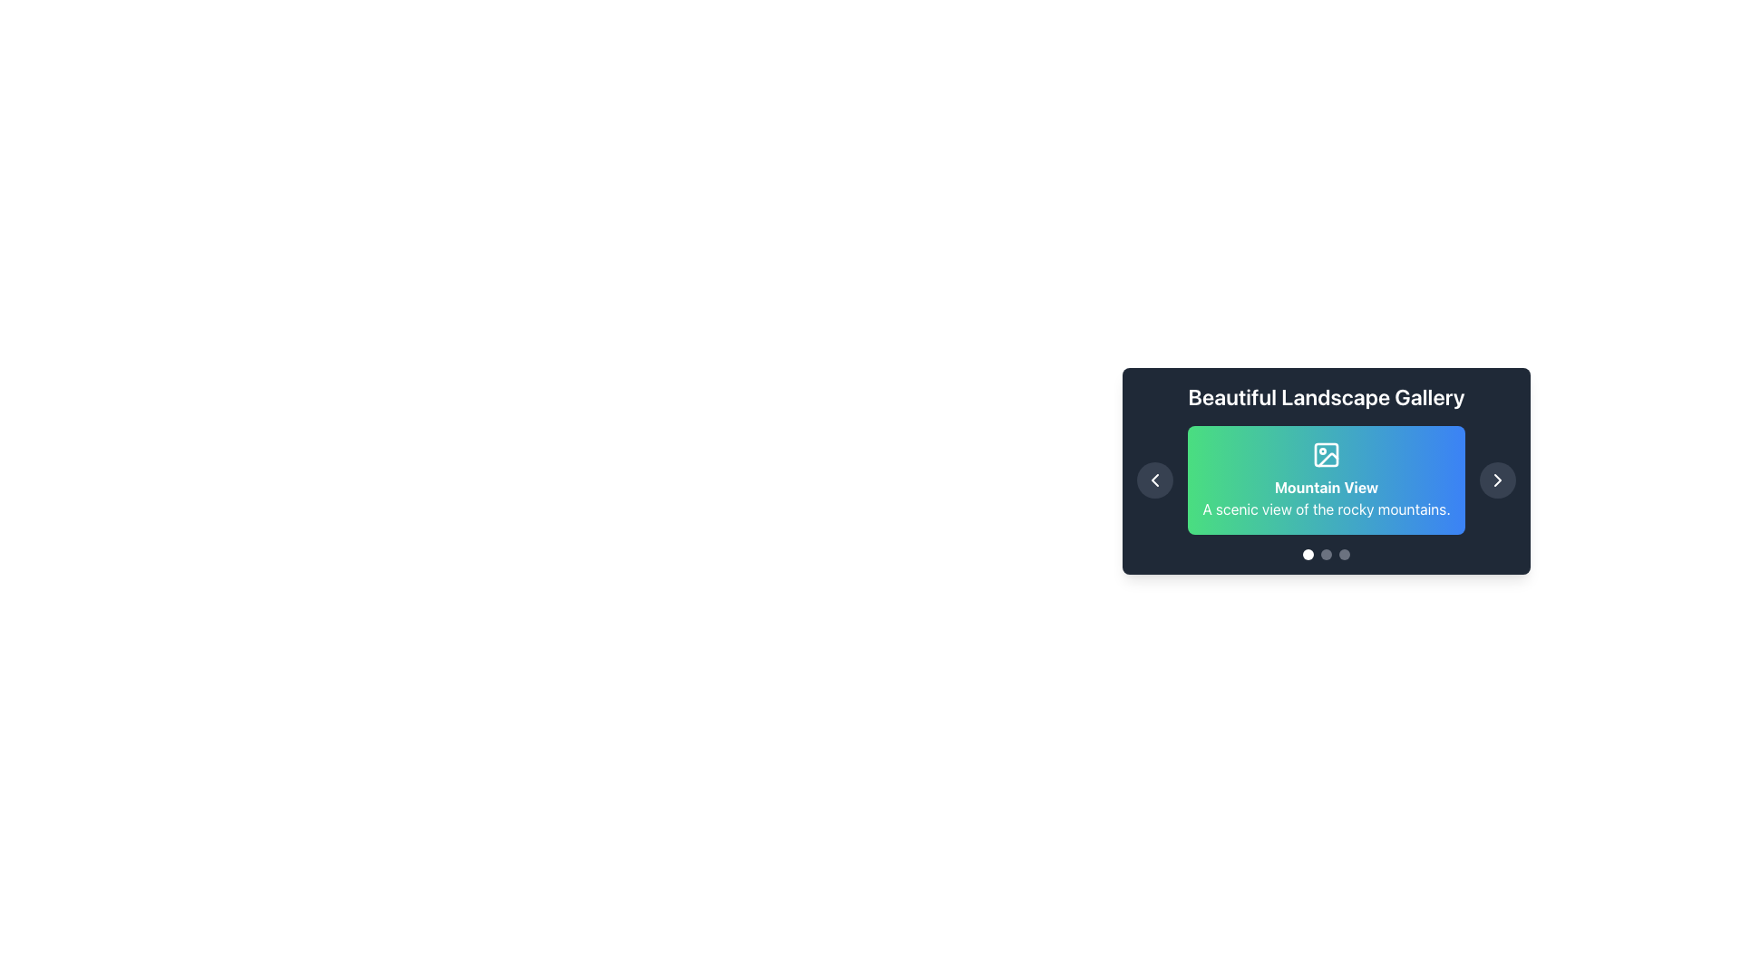 The height and width of the screenshot is (979, 1741). Describe the element at coordinates (1327, 486) in the screenshot. I see `text label displaying 'Mountain View' which is bold and centered above the description text in a gradient background panel` at that location.